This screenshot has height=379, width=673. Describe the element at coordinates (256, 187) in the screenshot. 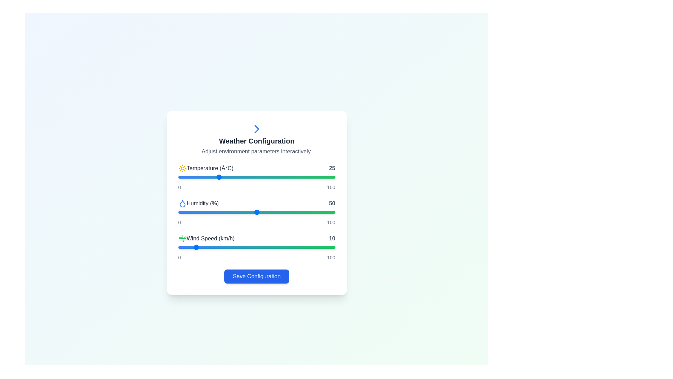

I see `the text label displaying the range indicators '0' and '100' for the slider in the 'Weather Configuration' section, located below the temperature slider` at that location.